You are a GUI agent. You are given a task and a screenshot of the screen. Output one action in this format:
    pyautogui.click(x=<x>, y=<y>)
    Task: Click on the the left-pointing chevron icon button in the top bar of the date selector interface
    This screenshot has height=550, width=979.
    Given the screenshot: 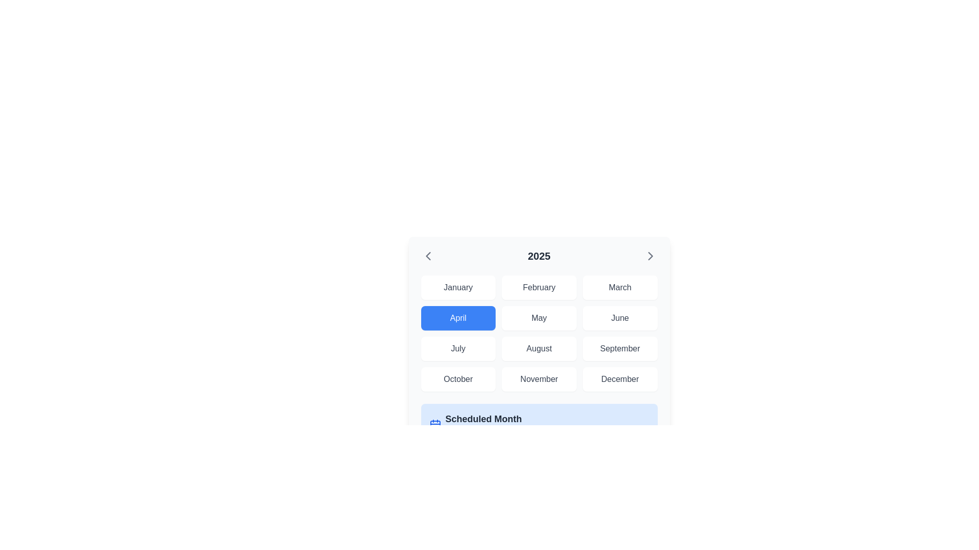 What is the action you would take?
    pyautogui.click(x=428, y=255)
    